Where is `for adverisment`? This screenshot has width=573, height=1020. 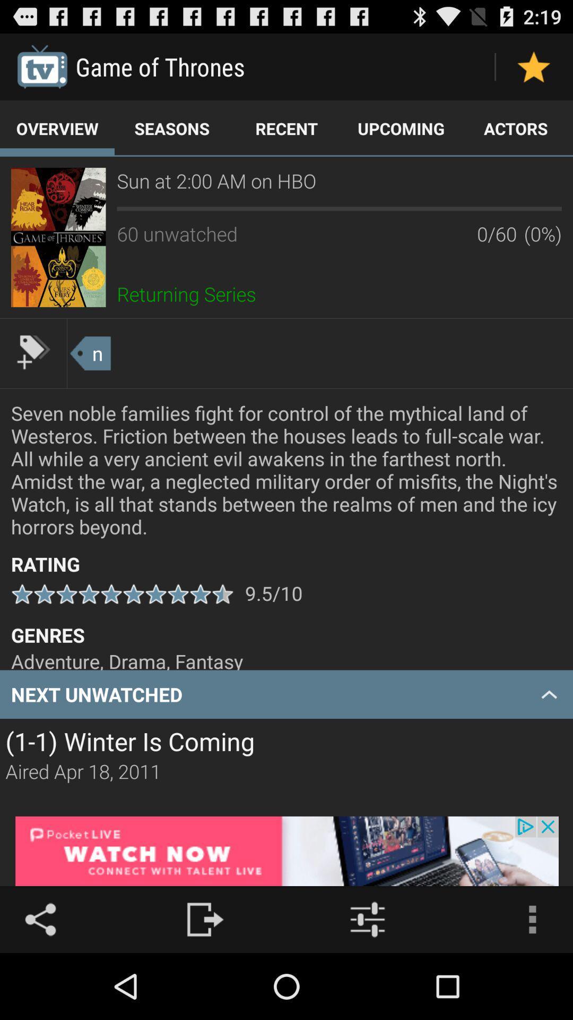 for adverisment is located at coordinates (286, 851).